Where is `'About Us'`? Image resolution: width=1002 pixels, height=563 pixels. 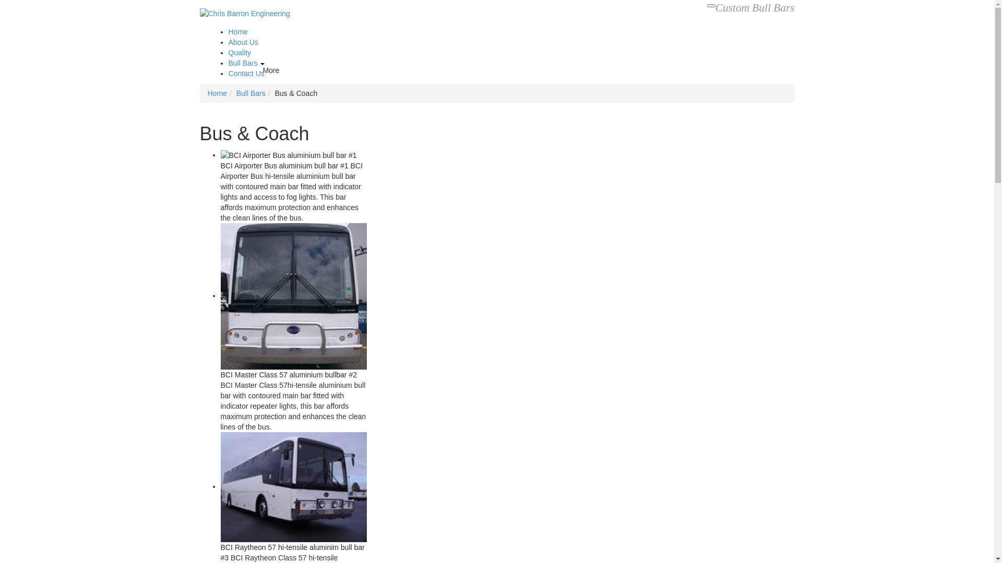 'About Us' is located at coordinates (243, 42).